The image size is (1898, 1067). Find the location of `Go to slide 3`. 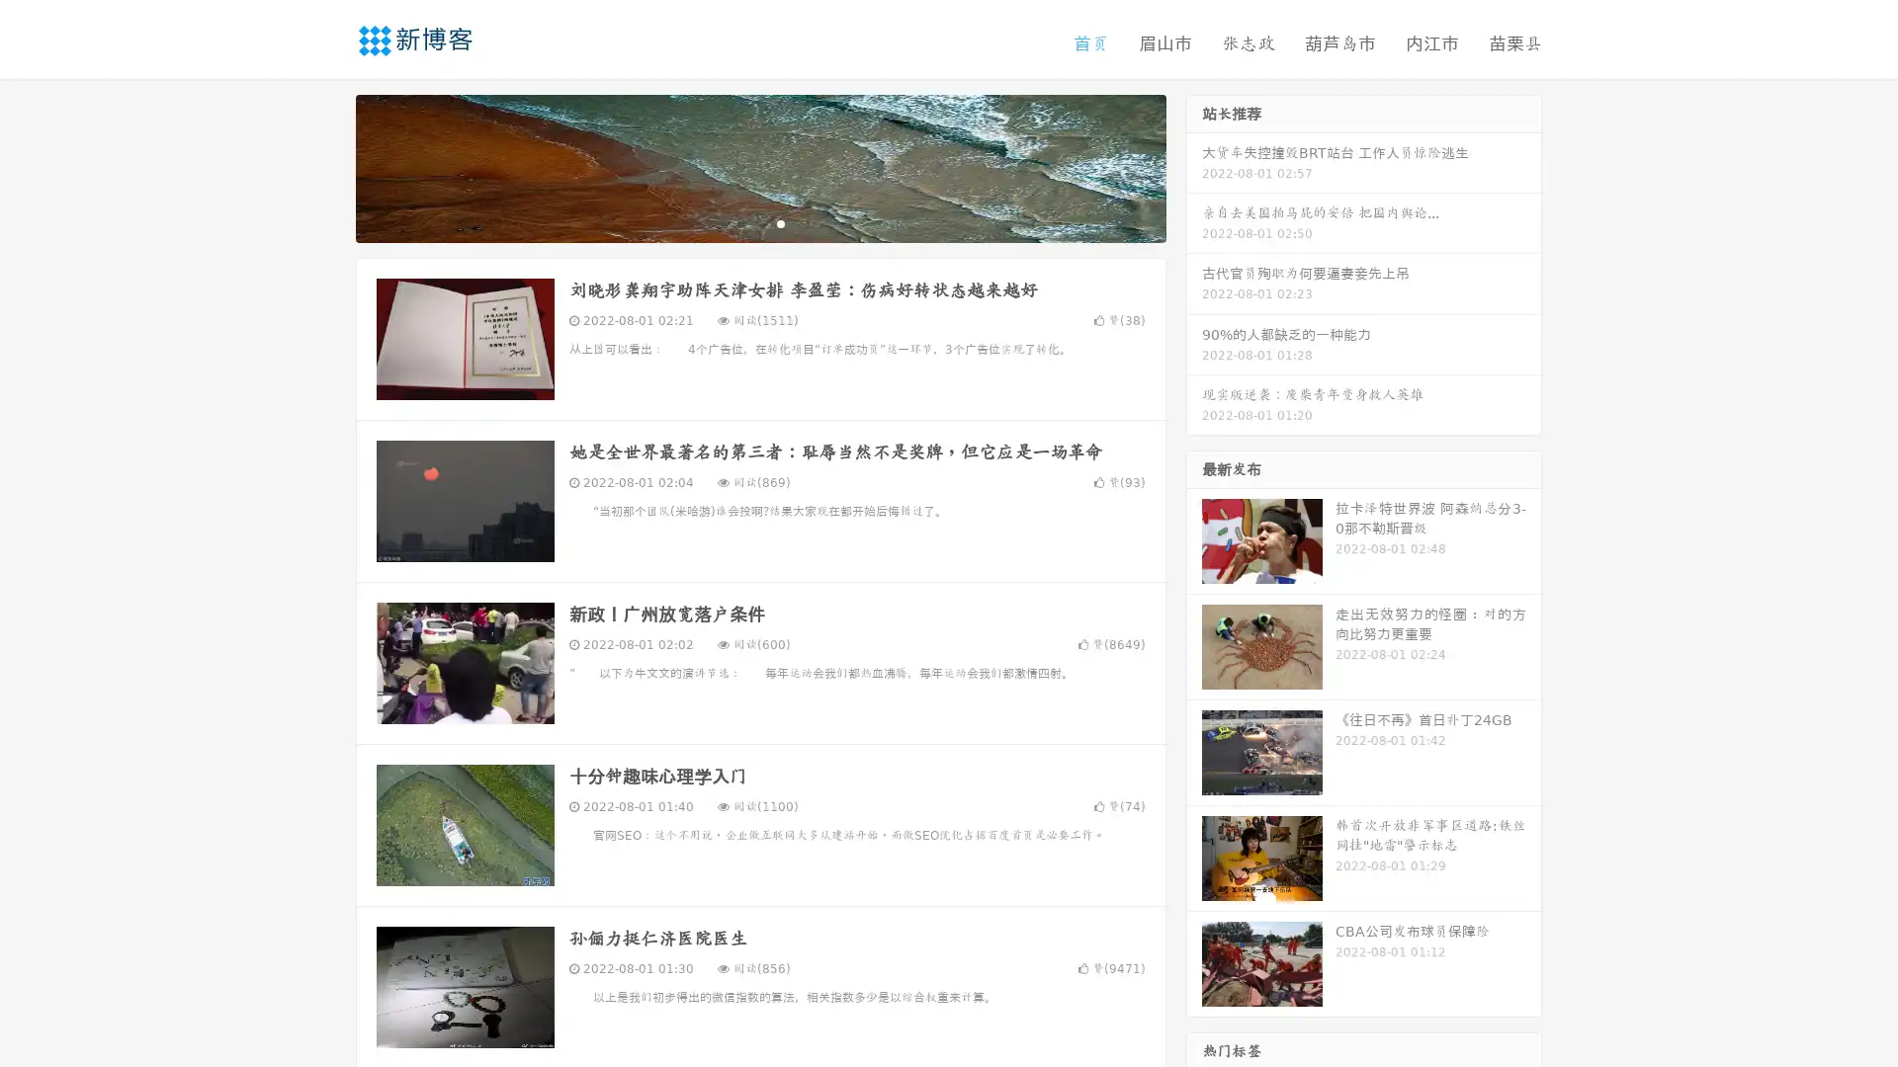

Go to slide 3 is located at coordinates (780, 222).